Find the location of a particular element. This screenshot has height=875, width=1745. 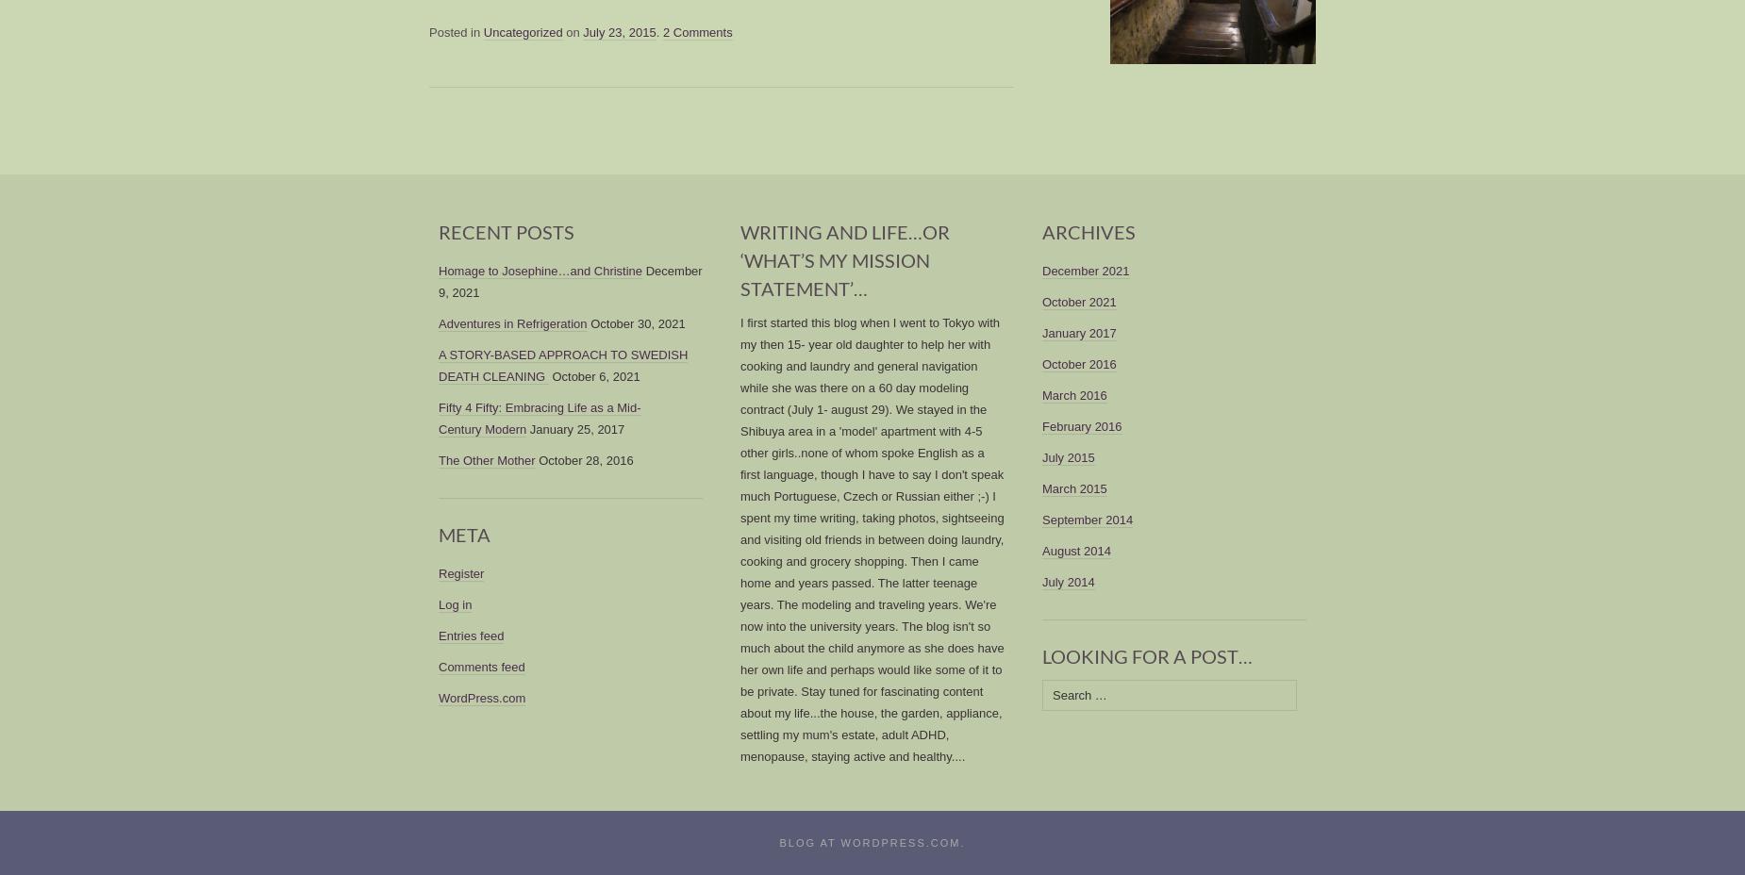

'A STORY-BASED APPROACH TO SWEDISH DEATH CLEANING' is located at coordinates (562, 365).